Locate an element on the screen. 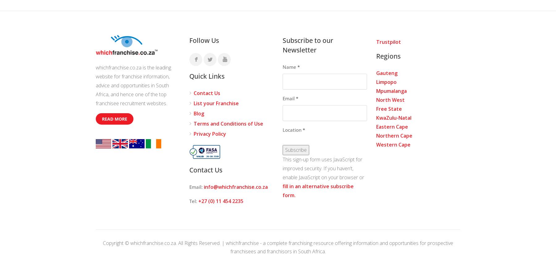 This screenshot has height=265, width=556. 'Email:' is located at coordinates (189, 187).